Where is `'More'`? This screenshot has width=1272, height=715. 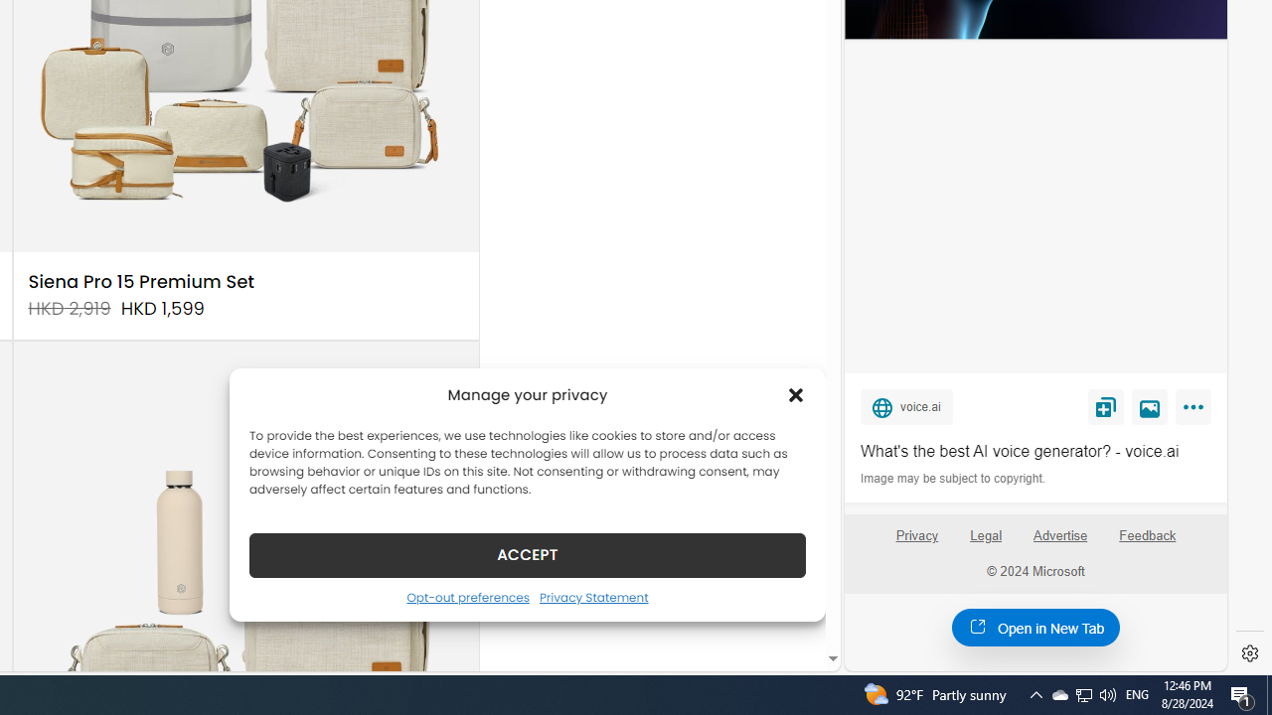
'More' is located at coordinates (1195, 409).